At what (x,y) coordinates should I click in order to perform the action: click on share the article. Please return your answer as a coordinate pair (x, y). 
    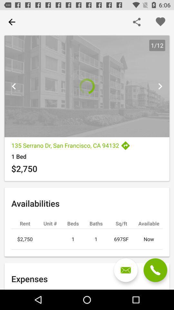
    Looking at the image, I should click on (136, 22).